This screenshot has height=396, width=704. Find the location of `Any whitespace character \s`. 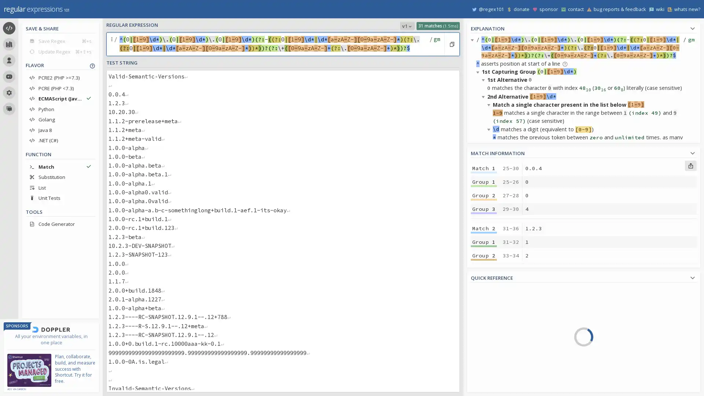

Any whitespace character \s is located at coordinates (620, 363).